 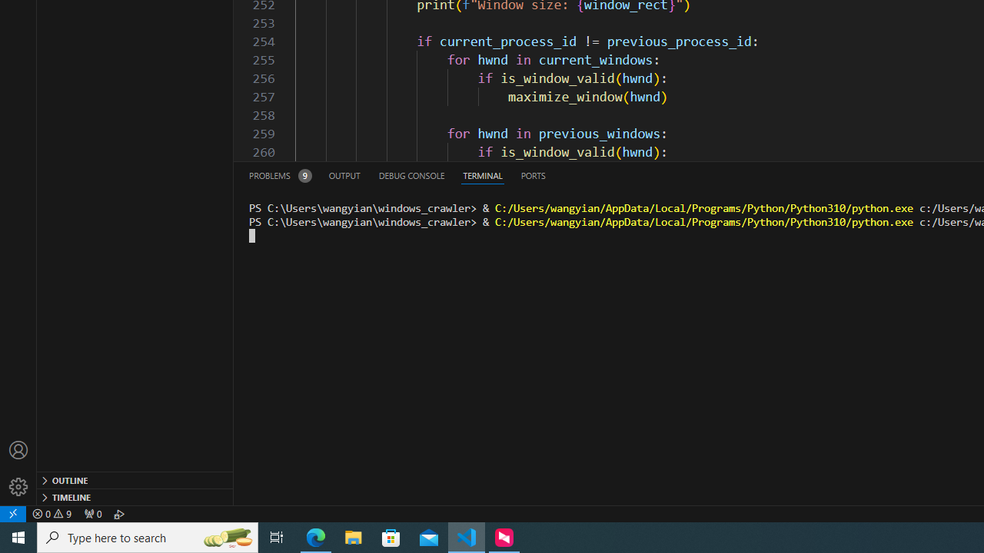 I want to click on 'Timeline Section', so click(x=135, y=496).